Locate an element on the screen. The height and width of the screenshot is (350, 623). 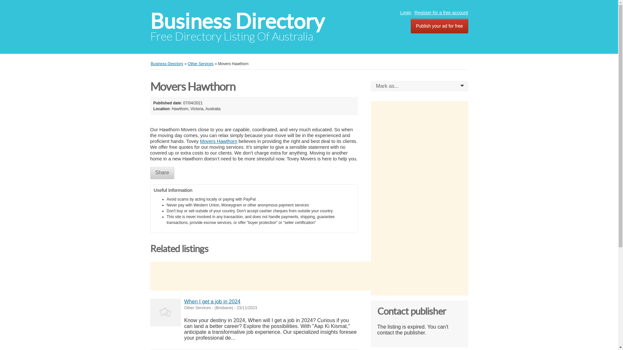
'Business Directory' is located at coordinates (150, 64).